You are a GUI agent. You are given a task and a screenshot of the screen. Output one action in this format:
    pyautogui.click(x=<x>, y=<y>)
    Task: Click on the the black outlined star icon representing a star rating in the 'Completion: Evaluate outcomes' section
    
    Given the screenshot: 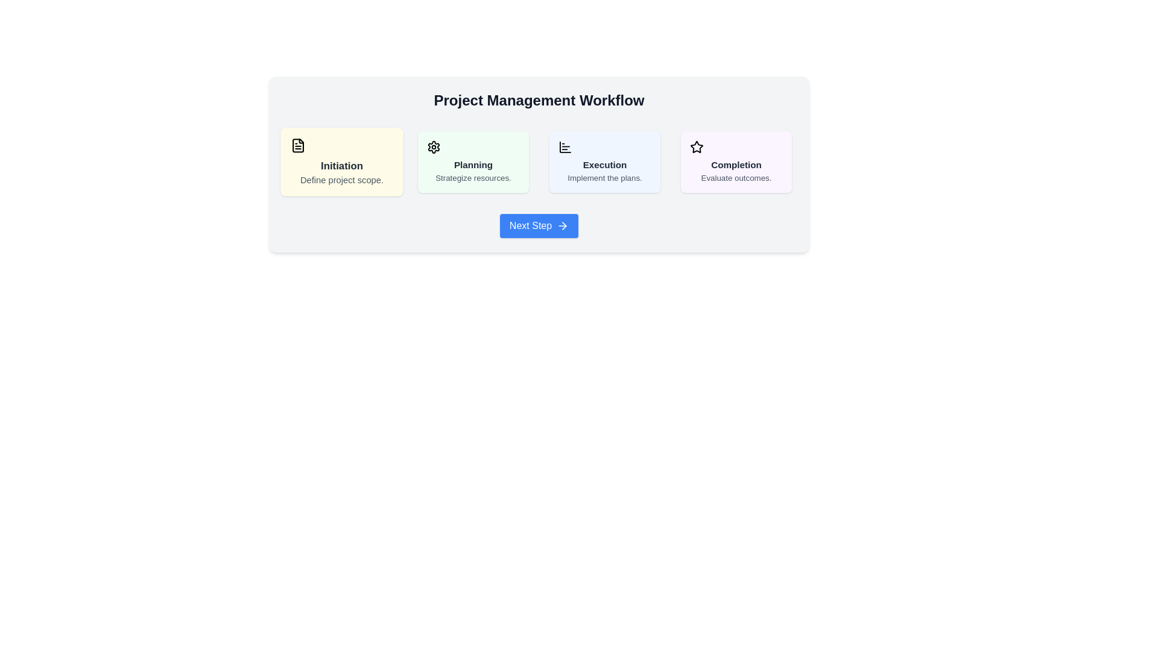 What is the action you would take?
    pyautogui.click(x=697, y=146)
    